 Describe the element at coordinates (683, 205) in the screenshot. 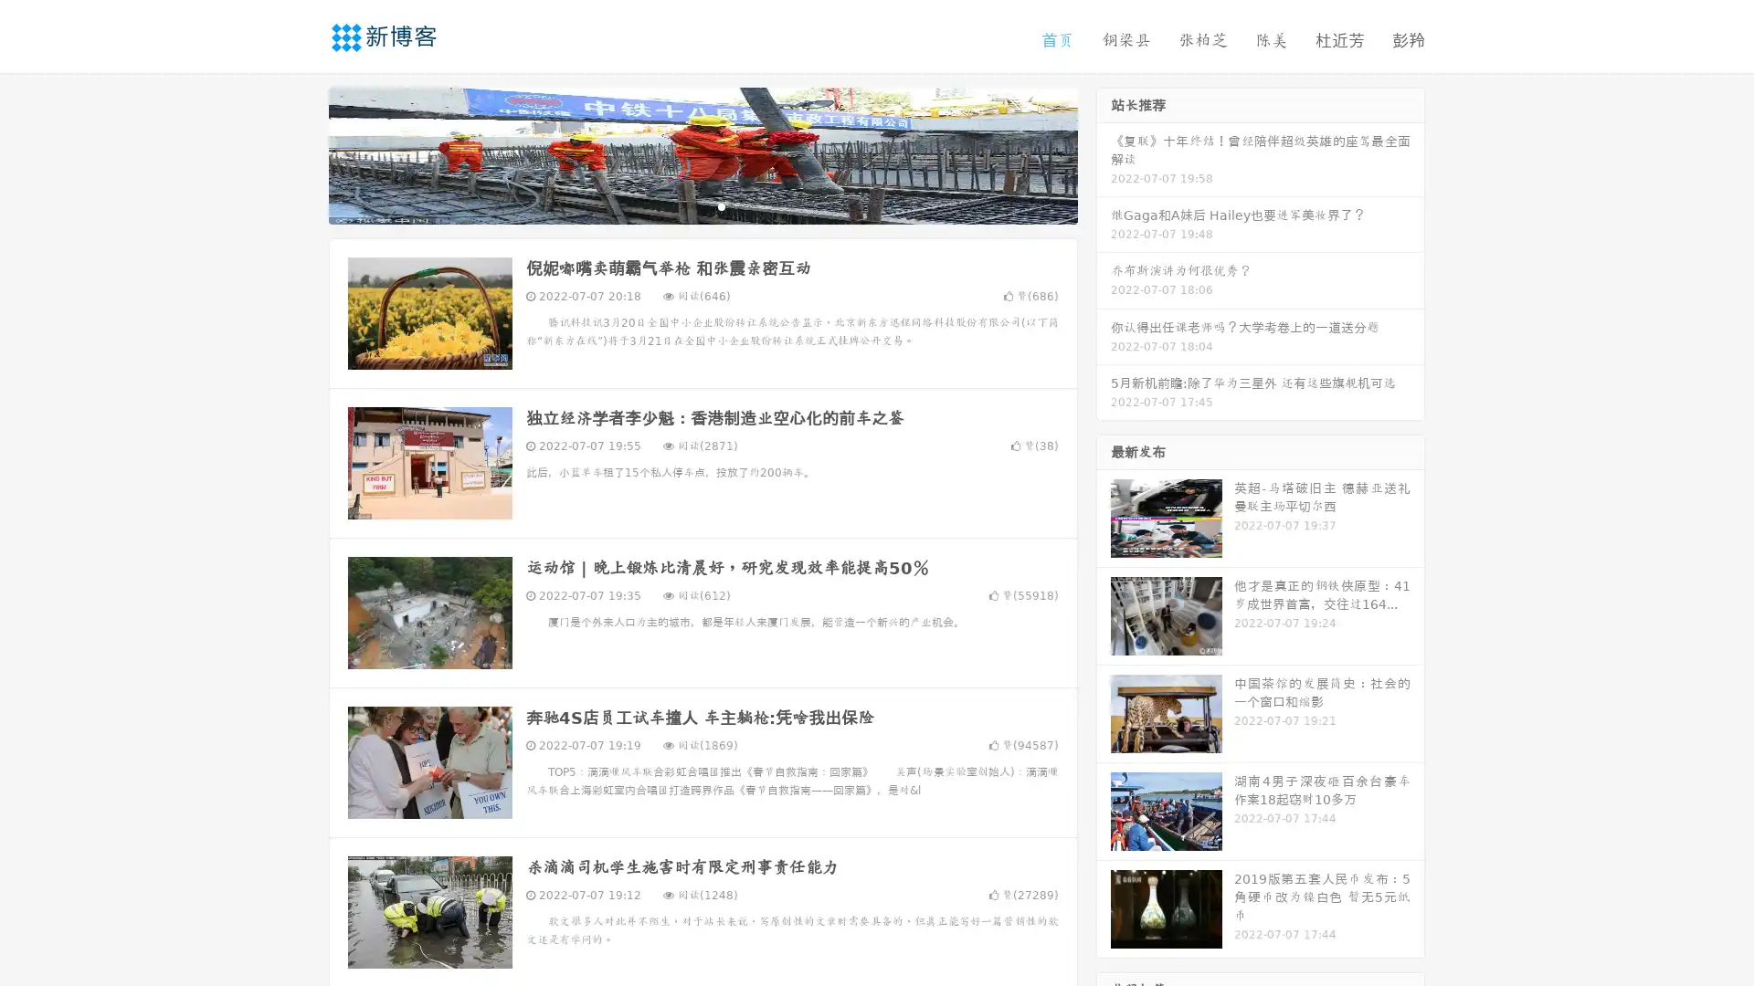

I see `Go to slide 1` at that location.